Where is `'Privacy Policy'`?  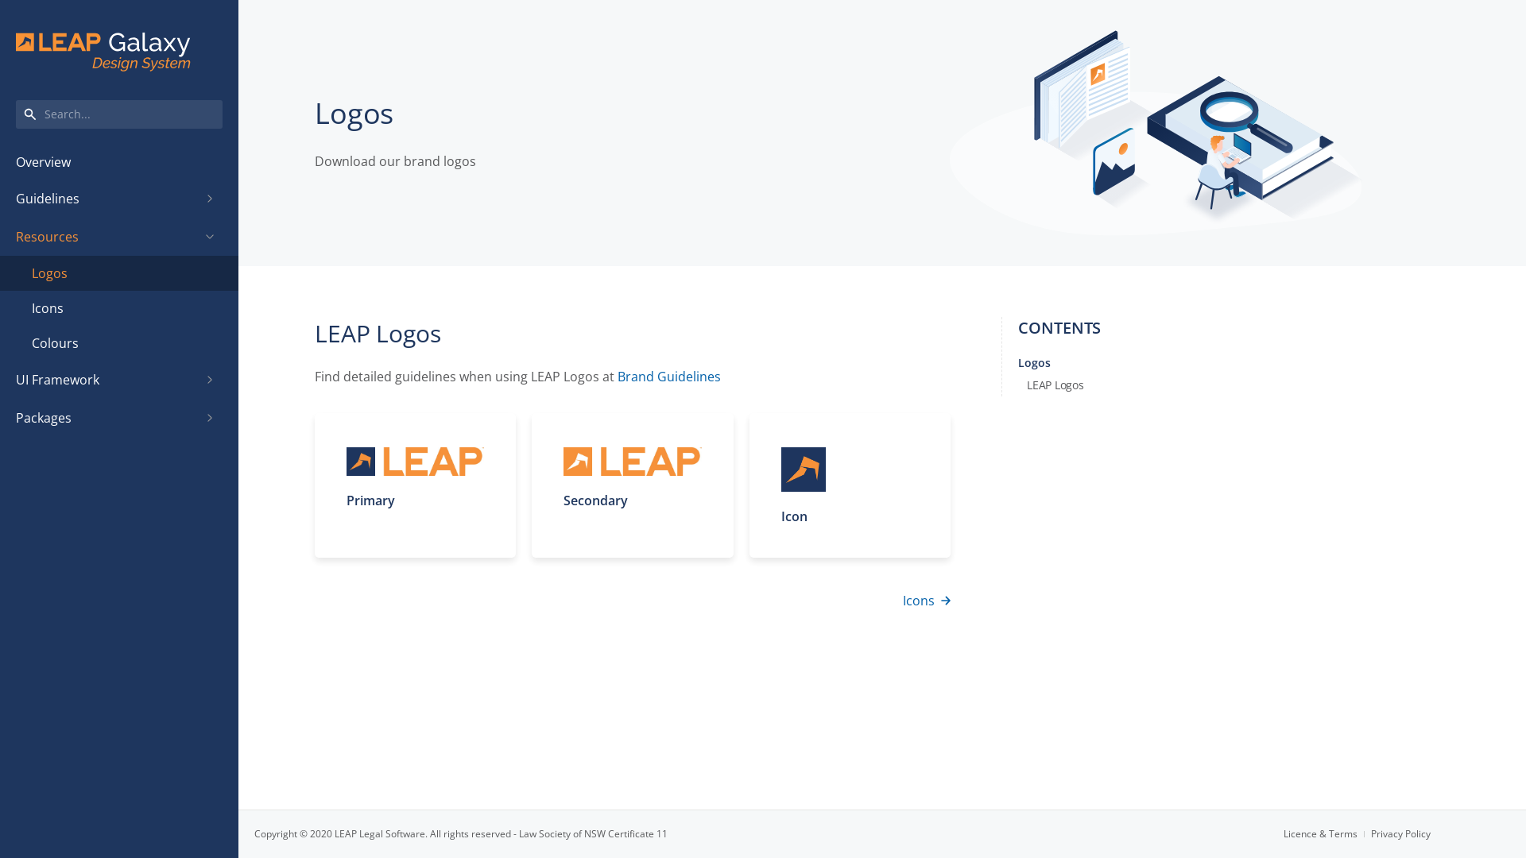 'Privacy Policy' is located at coordinates (1400, 833).